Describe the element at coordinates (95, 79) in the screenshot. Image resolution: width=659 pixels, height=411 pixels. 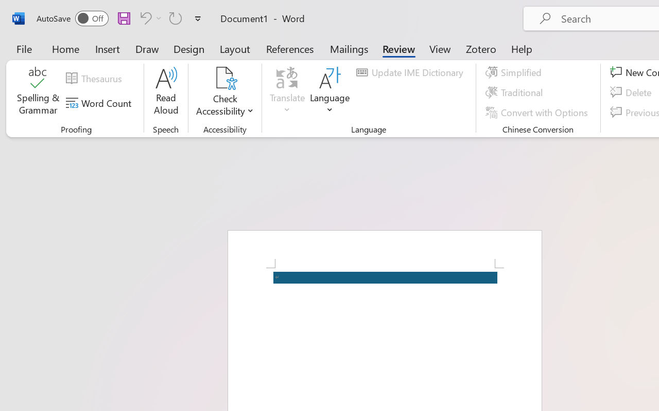
I see `'Thesaurus...'` at that location.